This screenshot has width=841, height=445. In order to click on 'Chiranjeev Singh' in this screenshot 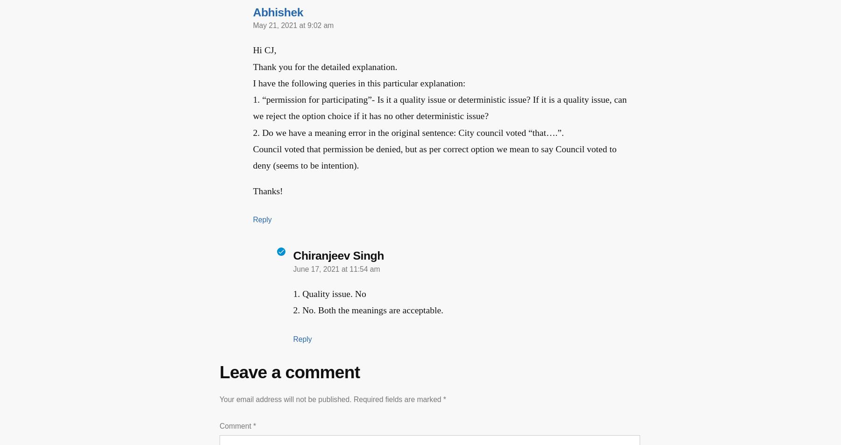, I will do `click(292, 255)`.